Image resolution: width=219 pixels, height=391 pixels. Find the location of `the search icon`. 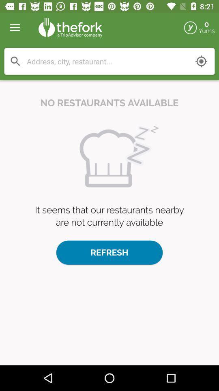

the search icon is located at coordinates (15, 61).